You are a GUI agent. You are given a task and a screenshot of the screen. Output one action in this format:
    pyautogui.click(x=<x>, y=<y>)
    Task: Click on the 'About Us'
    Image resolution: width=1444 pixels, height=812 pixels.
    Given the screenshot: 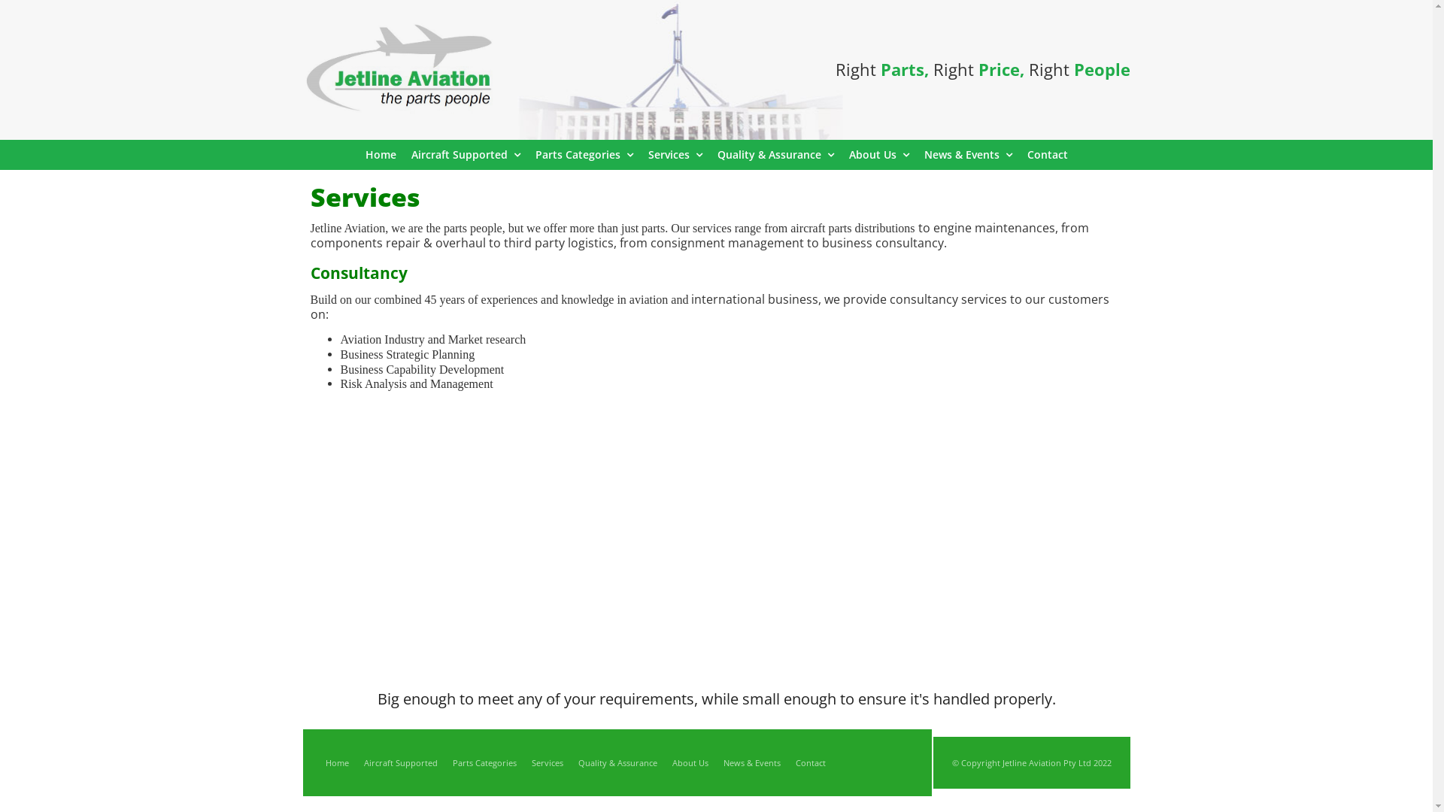 What is the action you would take?
    pyautogui.click(x=878, y=154)
    